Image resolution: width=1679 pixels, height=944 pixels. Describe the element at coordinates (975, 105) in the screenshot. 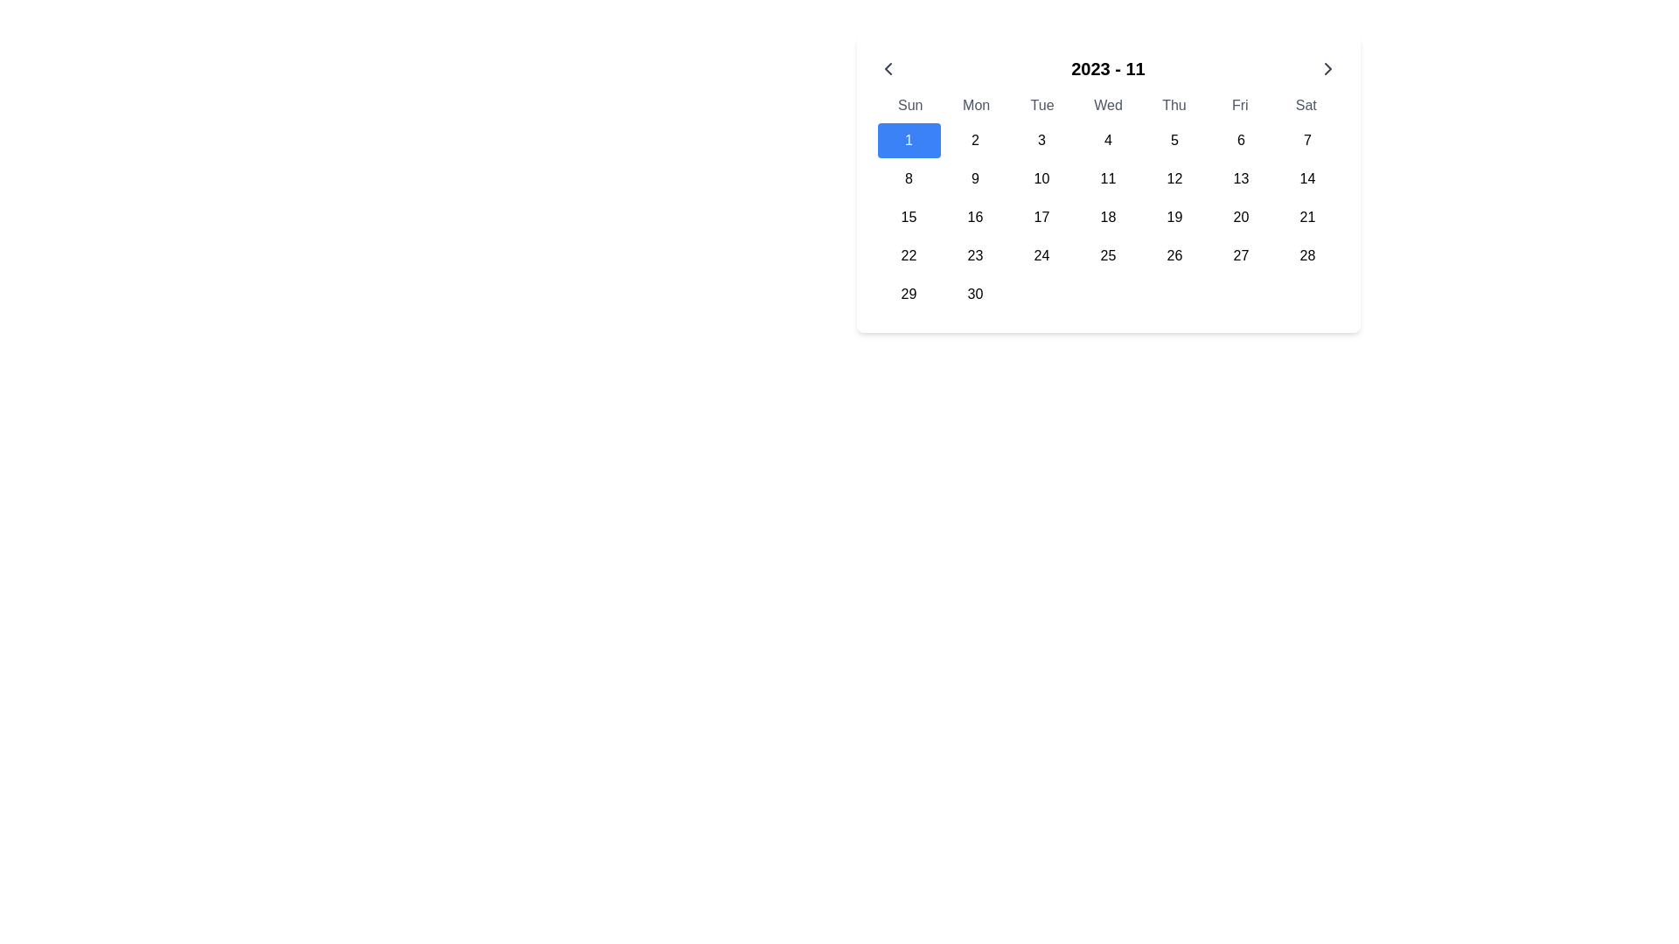

I see `the 'Mon' text label, which represents Monday in the weekly calendar, to trigger visual cues` at that location.